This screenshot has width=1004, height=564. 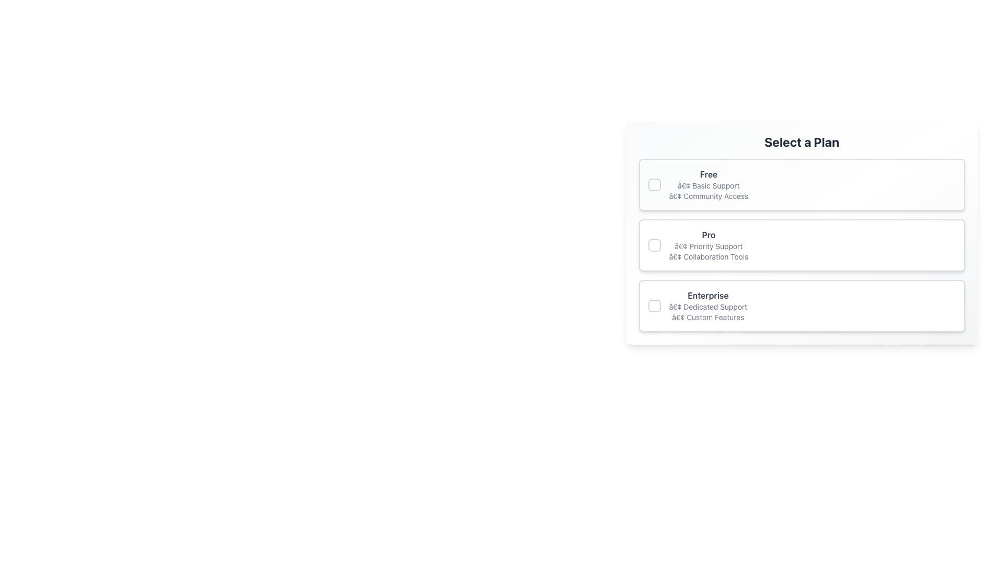 What do you see at coordinates (709, 252) in the screenshot?
I see `text label describing the features of the 'Pro' plan, which includes 'Priority Support' and 'Collaboration Tools'. This label is located in the second box under the title 'Select a Plan'` at bounding box center [709, 252].